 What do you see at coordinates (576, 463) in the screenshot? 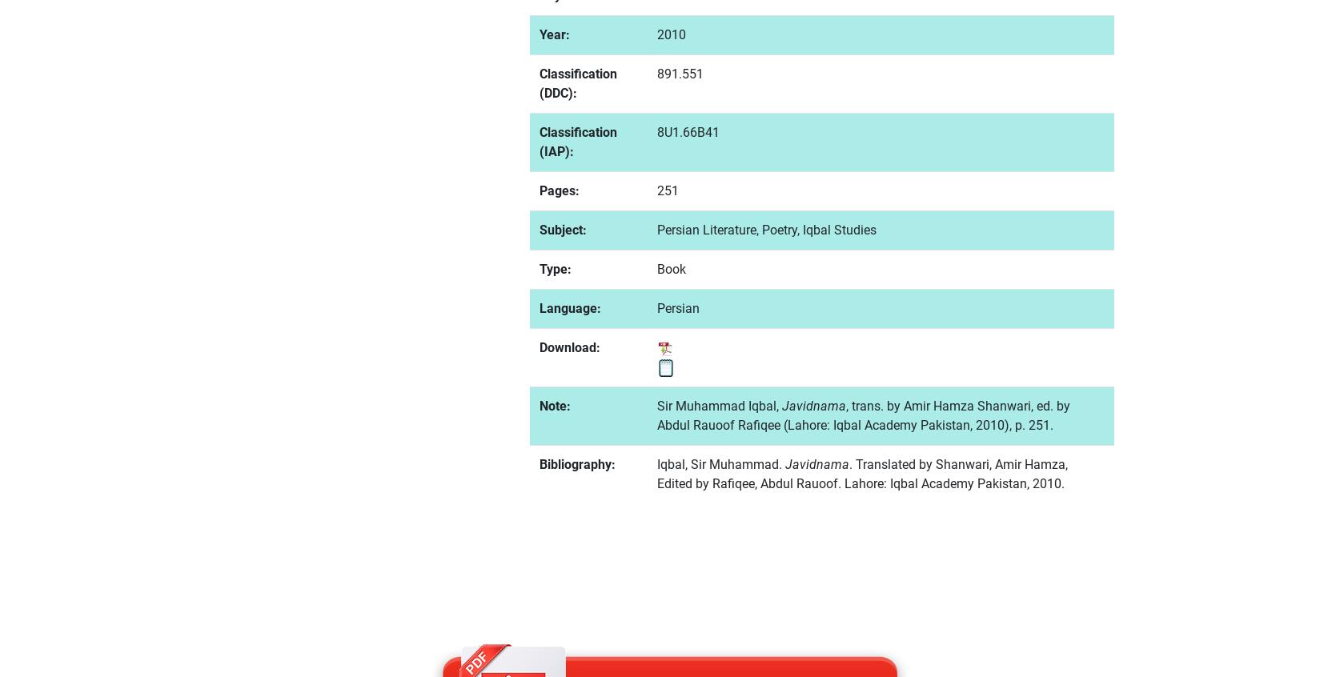
I see `'Bibliography:'` at bounding box center [576, 463].